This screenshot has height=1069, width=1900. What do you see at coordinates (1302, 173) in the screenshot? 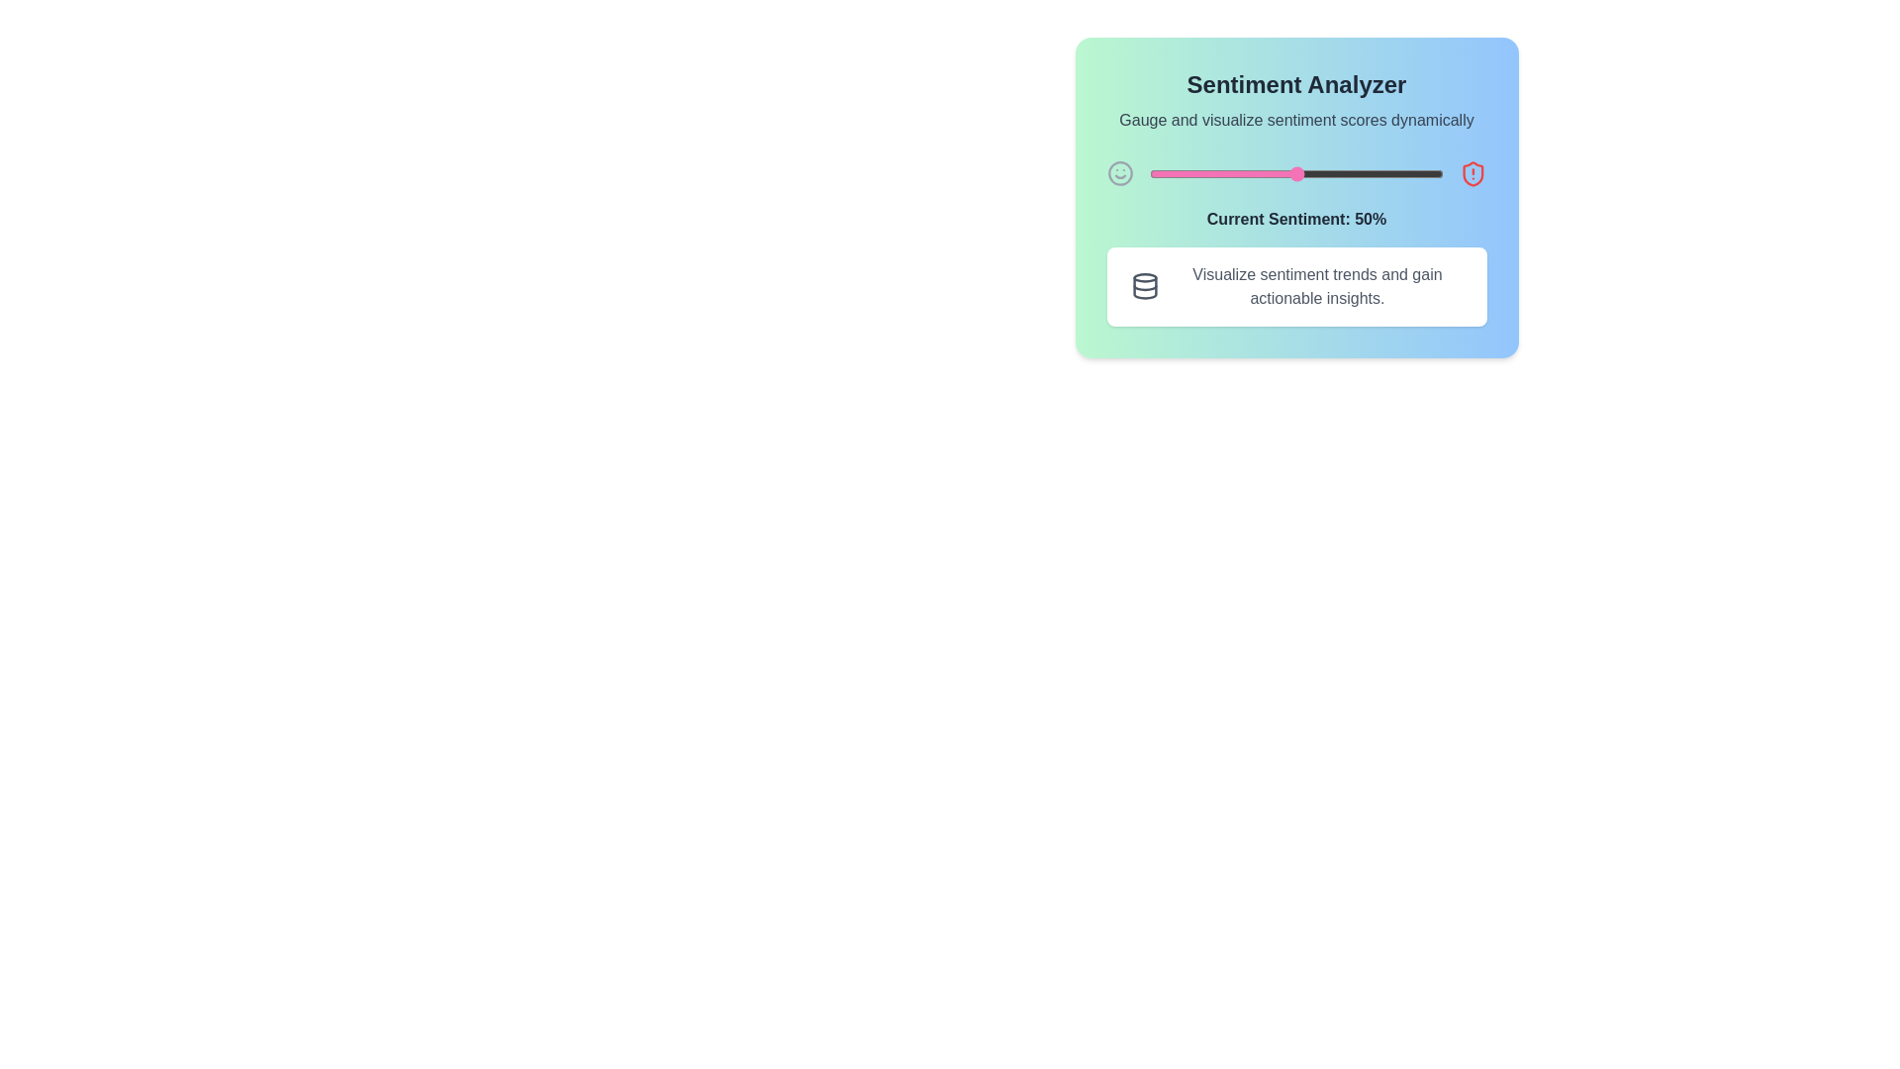
I see `the sentiment slider to set the sentiment value to 52` at bounding box center [1302, 173].